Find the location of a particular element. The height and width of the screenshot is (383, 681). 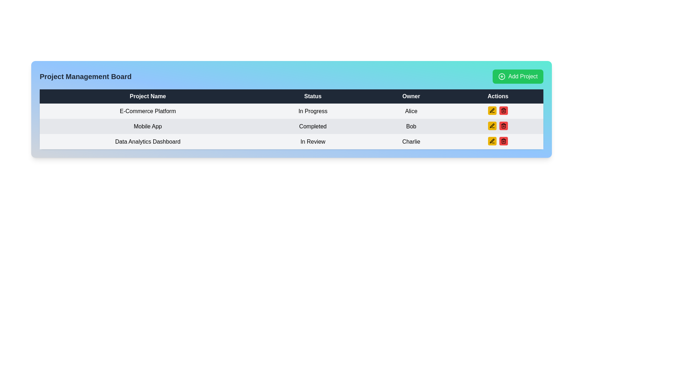

the yellow pen icon button in the 'Actions' column of the last row corresponding to 'Data Analytics Dashboard' is located at coordinates (492, 141).